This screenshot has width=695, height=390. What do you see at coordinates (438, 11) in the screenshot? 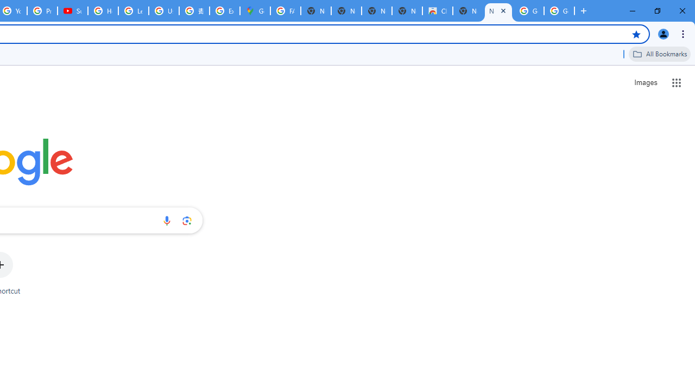
I see `'Chrome Web Store'` at bounding box center [438, 11].